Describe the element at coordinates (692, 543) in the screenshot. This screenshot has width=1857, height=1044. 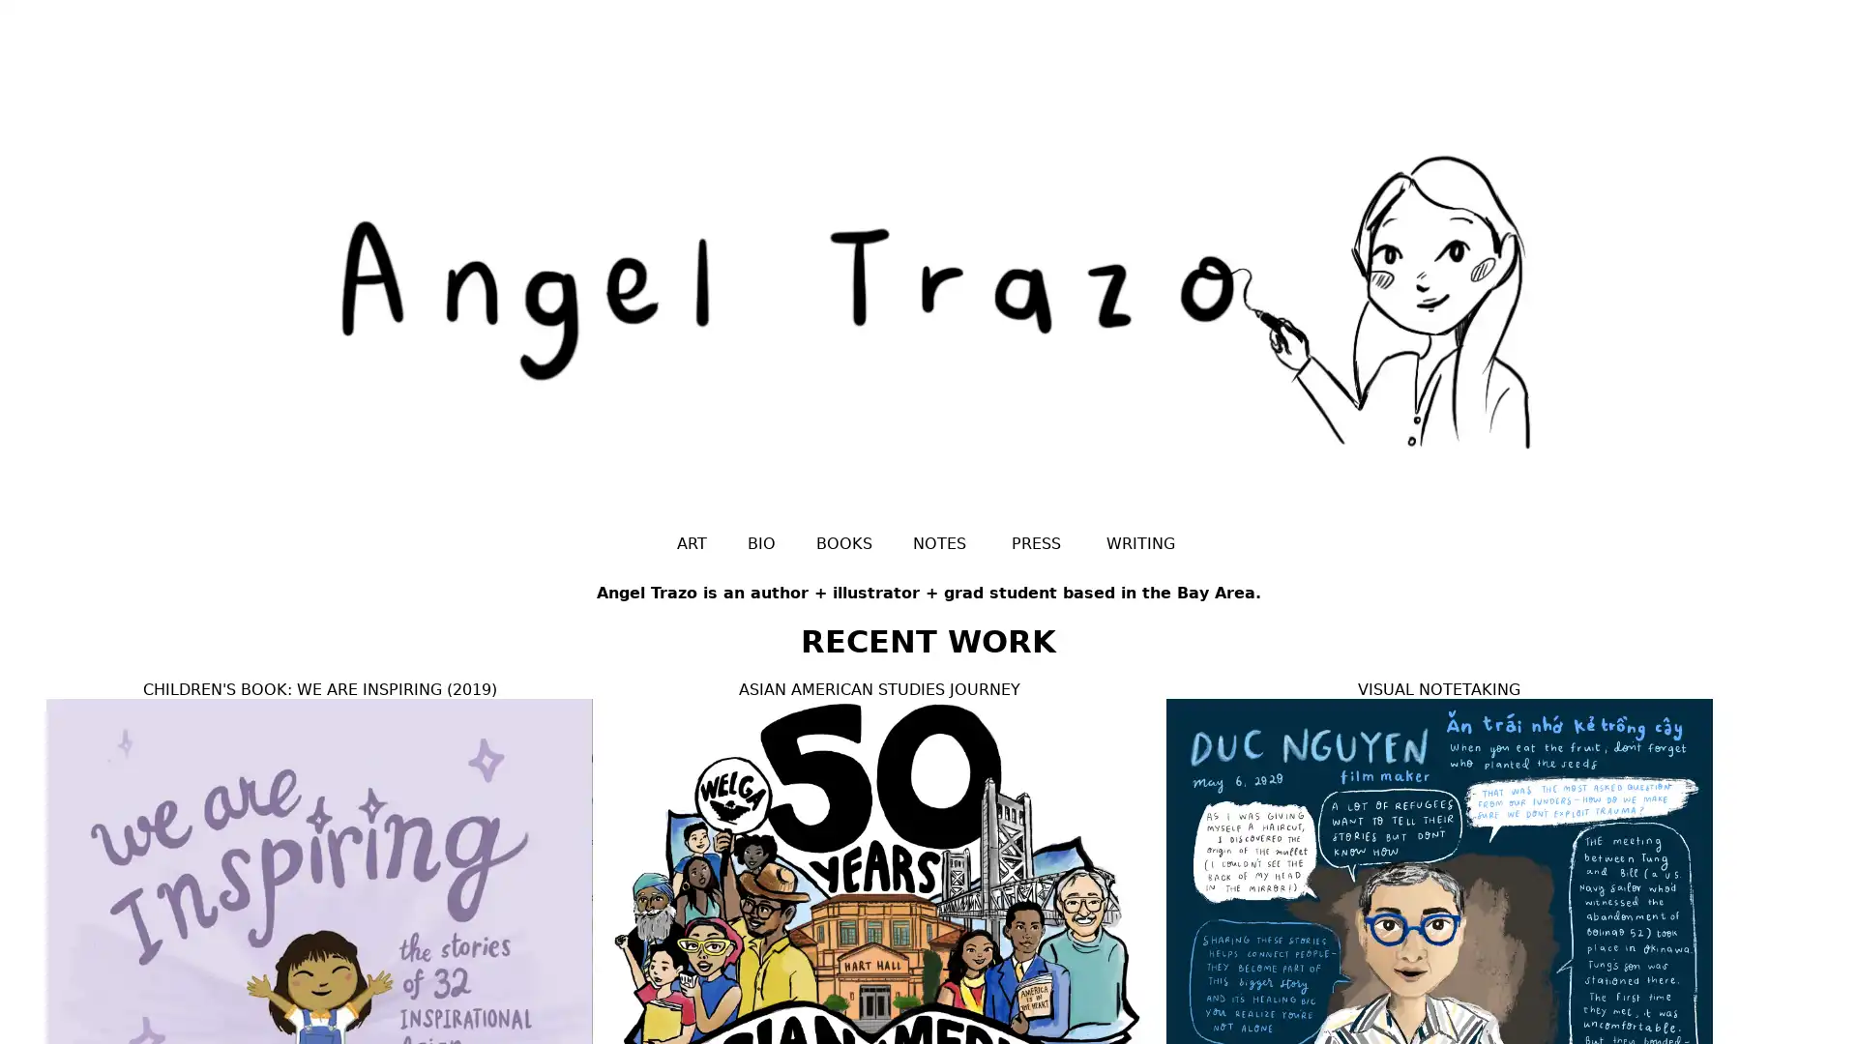
I see `ART` at that location.